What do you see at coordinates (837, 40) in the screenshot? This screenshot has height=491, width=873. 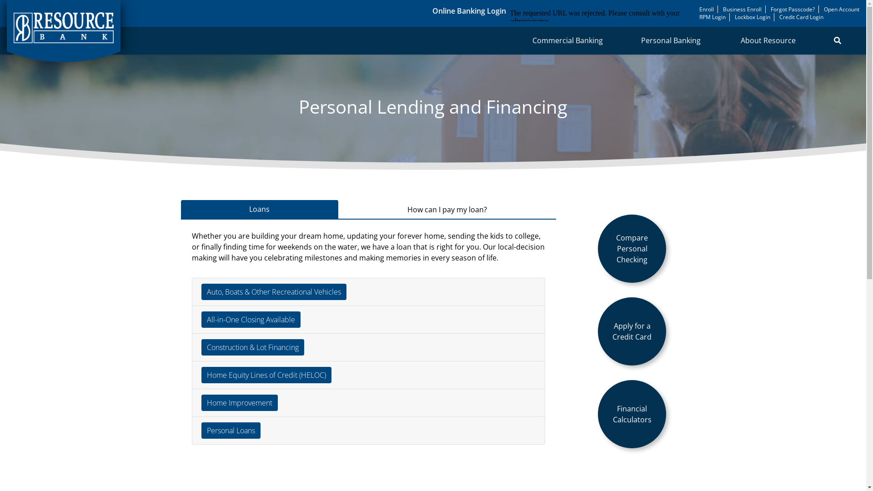 I see `'Search'` at bounding box center [837, 40].